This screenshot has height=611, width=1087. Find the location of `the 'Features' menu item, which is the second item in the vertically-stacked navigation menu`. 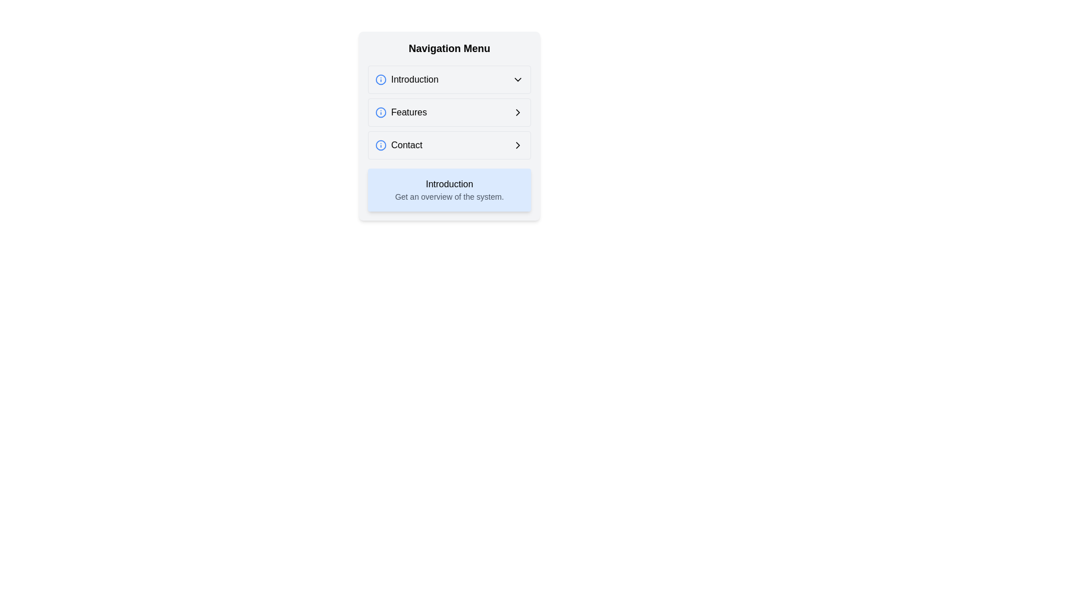

the 'Features' menu item, which is the second item in the vertically-stacked navigation menu is located at coordinates (401, 113).